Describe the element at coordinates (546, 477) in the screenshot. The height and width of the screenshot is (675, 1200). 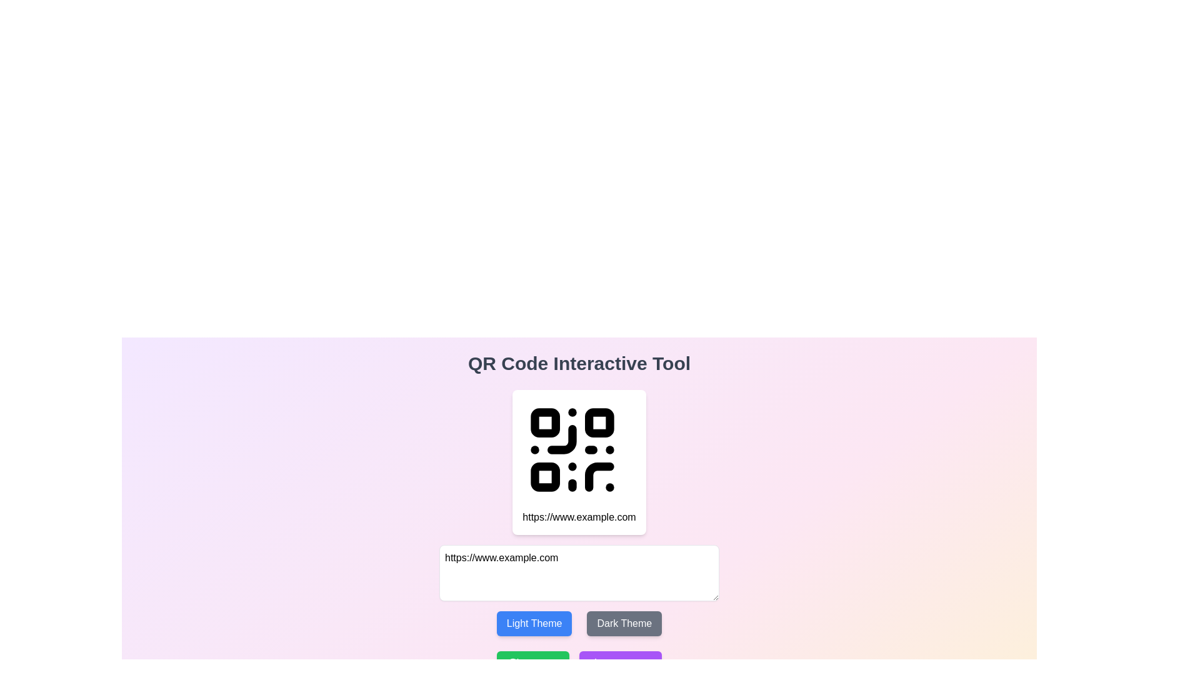
I see `the small rounded rectangular shape located in the lower-left section of the QR code, specifically the third rectangular block among its children` at that location.